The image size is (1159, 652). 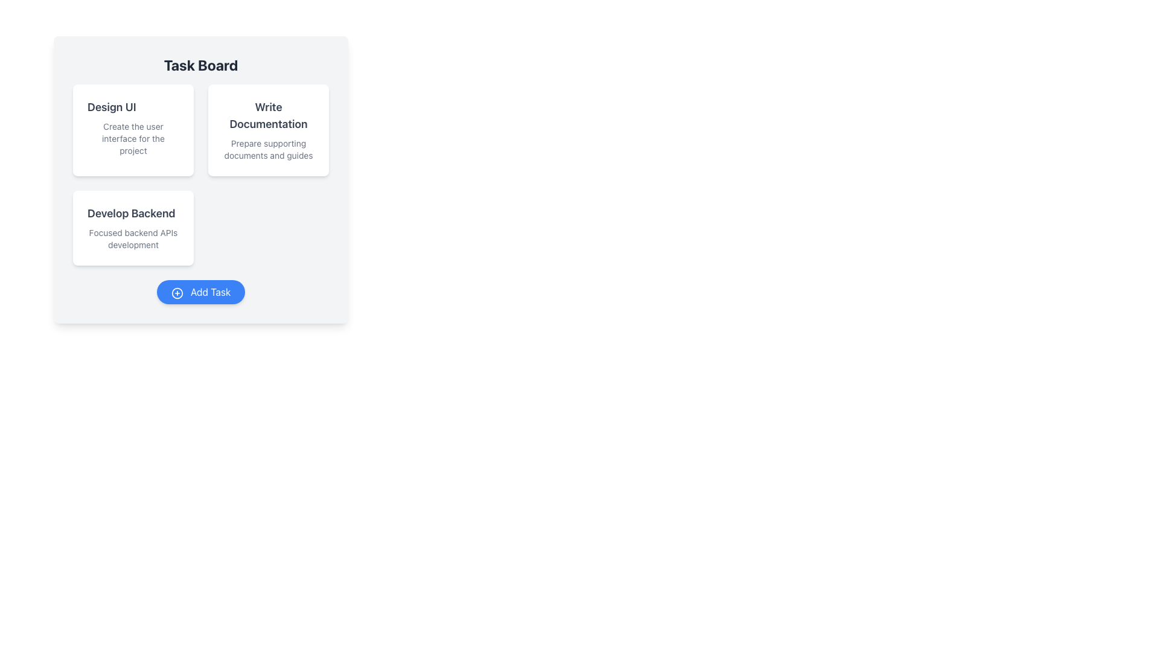 I want to click on the Text Label element containing the text 'Write Documentation', which is styled in a larger bold font and is located in the center card of the task board interface, so click(x=268, y=116).